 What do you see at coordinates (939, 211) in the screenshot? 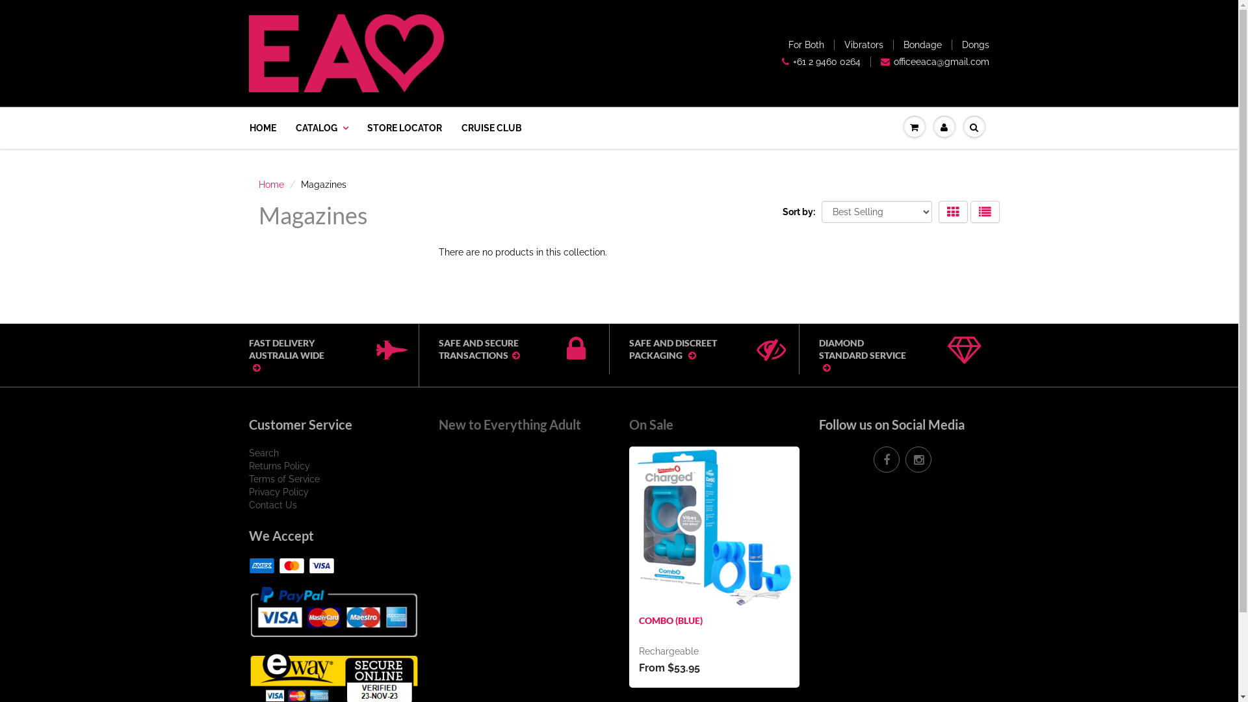
I see `'Grid view'` at bounding box center [939, 211].